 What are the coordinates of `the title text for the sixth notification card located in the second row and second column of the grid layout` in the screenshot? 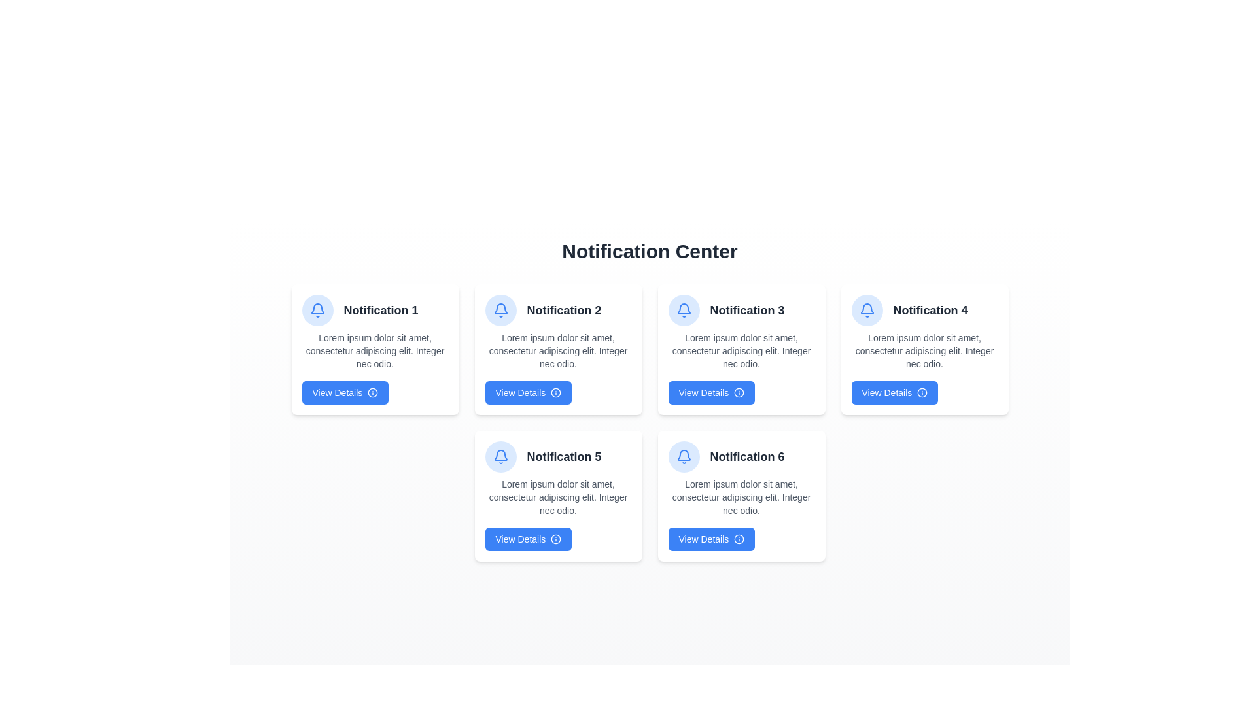 It's located at (741, 456).